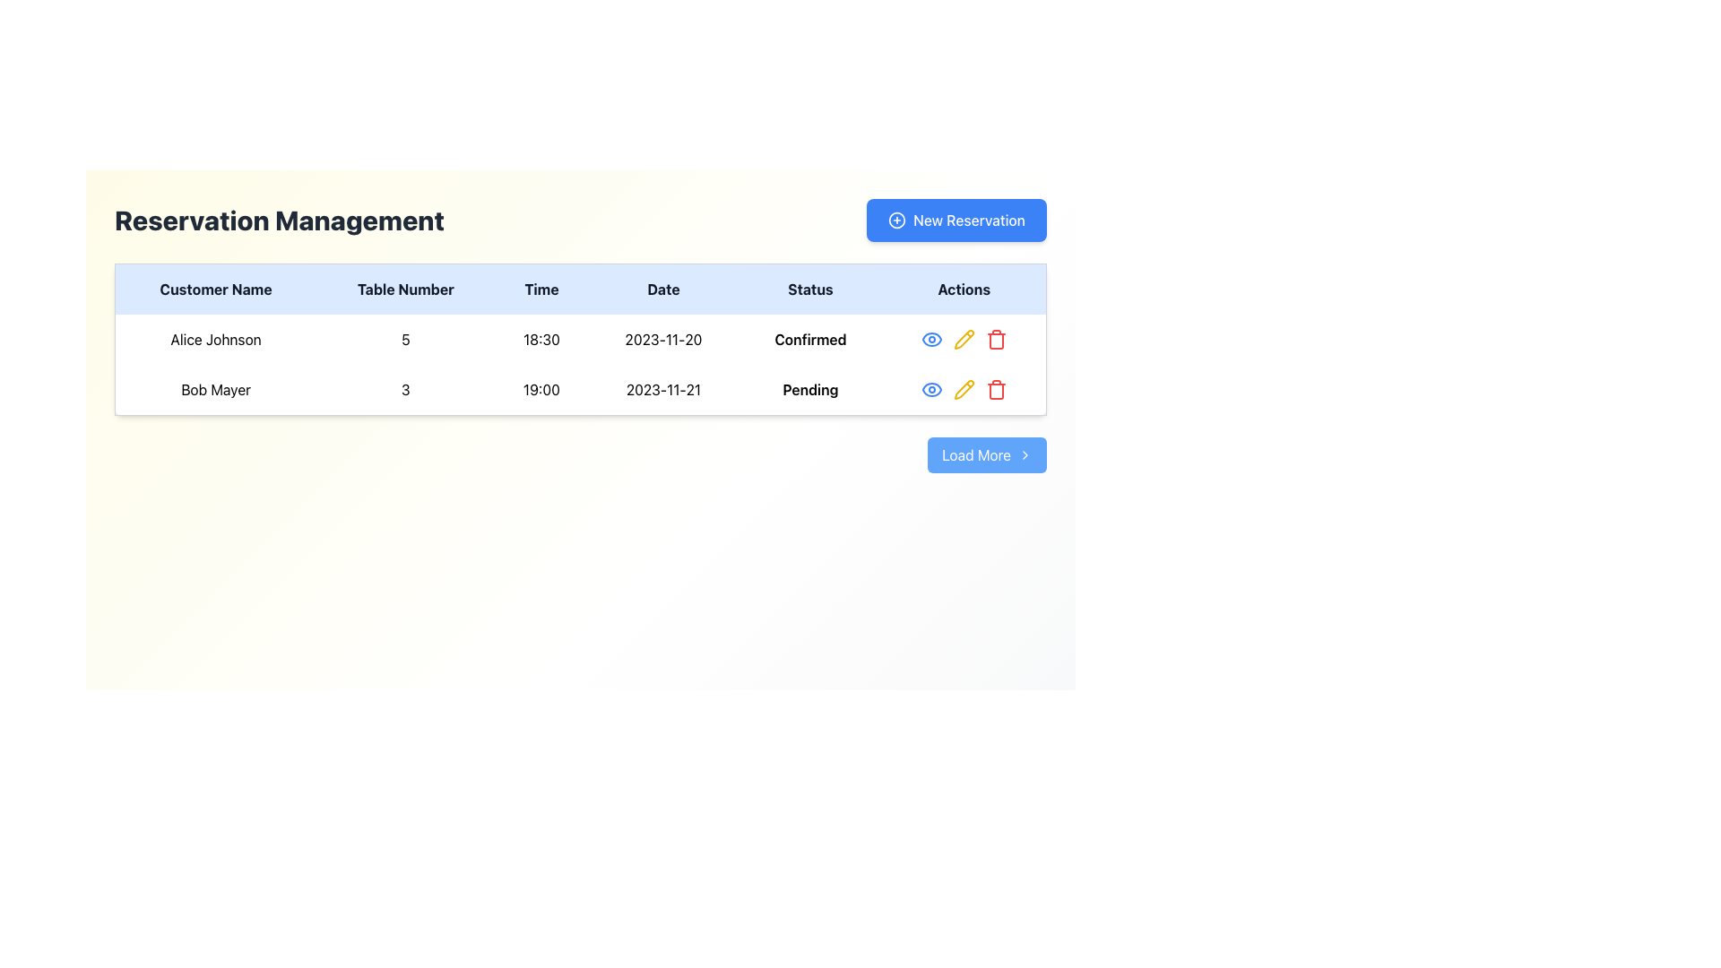  Describe the element at coordinates (931, 339) in the screenshot. I see `the eye-shaped icon with a blue outline located in the 'Actions' column of the second row in the reservation management table` at that location.